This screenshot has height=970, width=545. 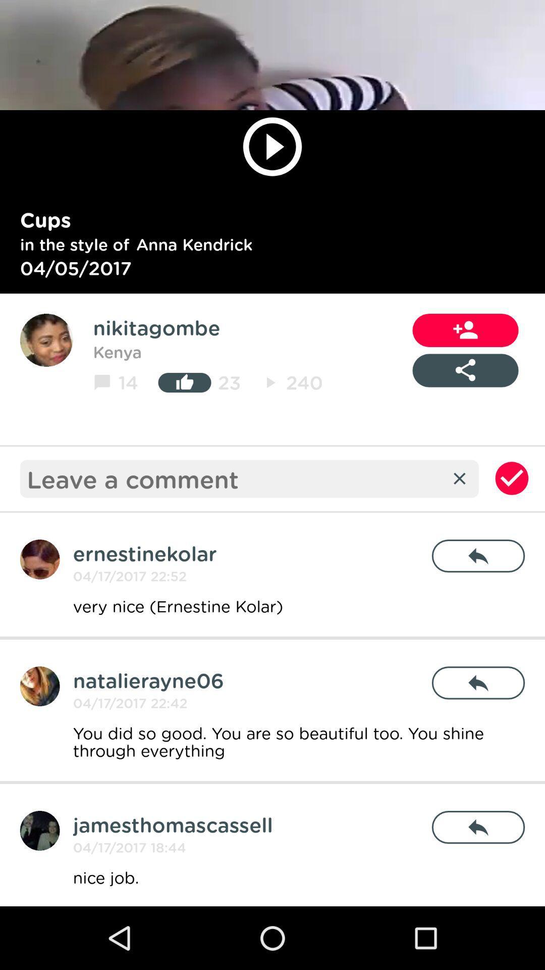 What do you see at coordinates (39, 686) in the screenshot?
I see `add` at bounding box center [39, 686].